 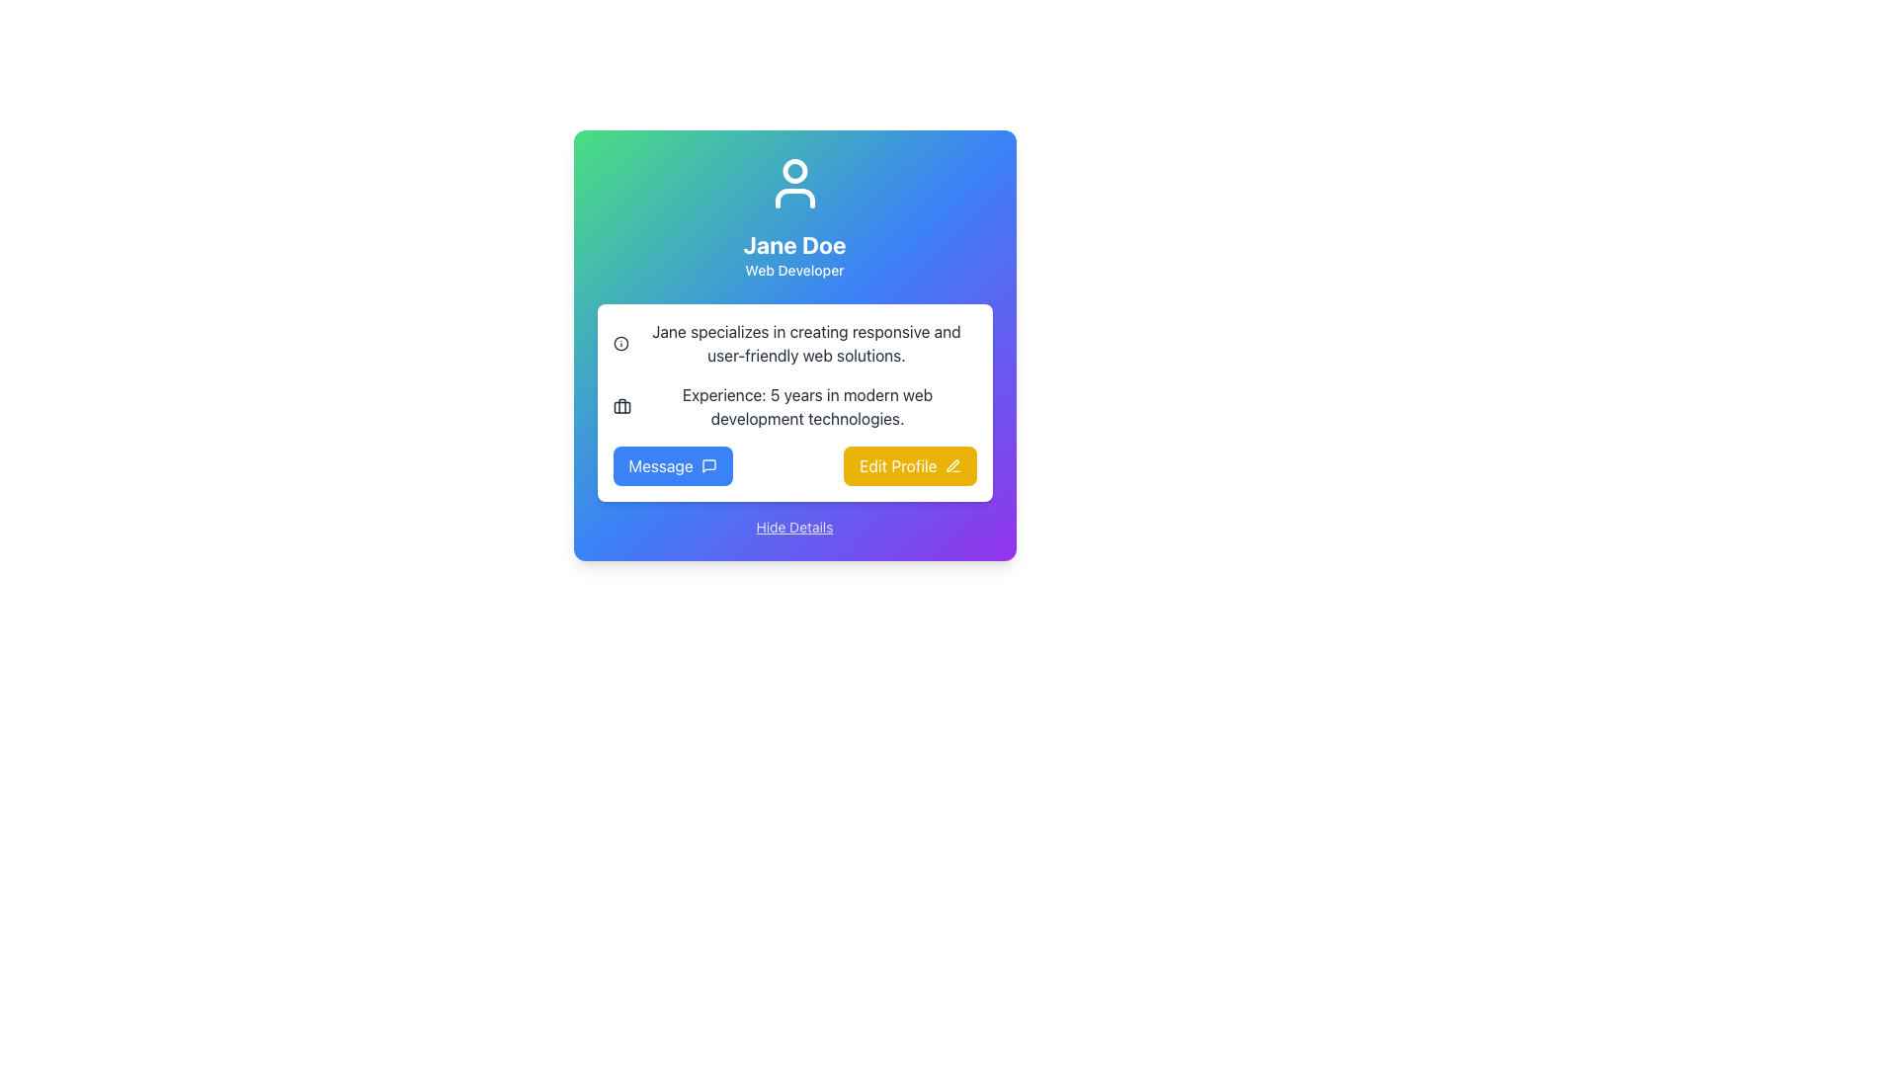 What do you see at coordinates (708, 465) in the screenshot?
I see `the icon located to the right of the text 'Message' within the 'Message' button` at bounding box center [708, 465].